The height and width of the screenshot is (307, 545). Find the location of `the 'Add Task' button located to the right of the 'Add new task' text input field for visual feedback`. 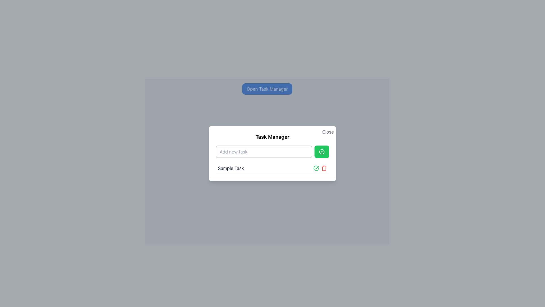

the 'Add Task' button located to the right of the 'Add new task' text input field for visual feedback is located at coordinates (322, 151).